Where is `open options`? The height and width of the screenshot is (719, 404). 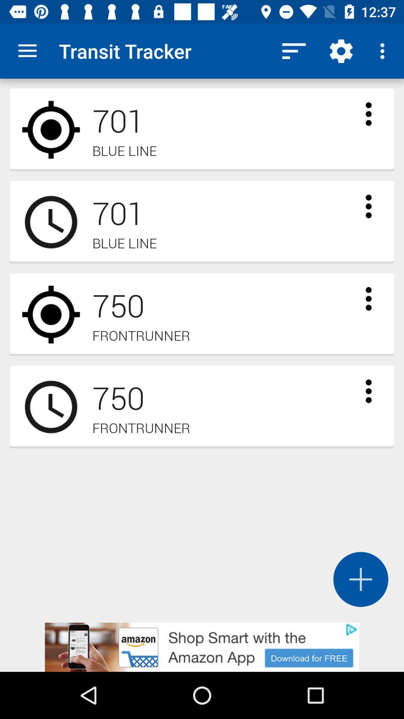
open options is located at coordinates (368, 206).